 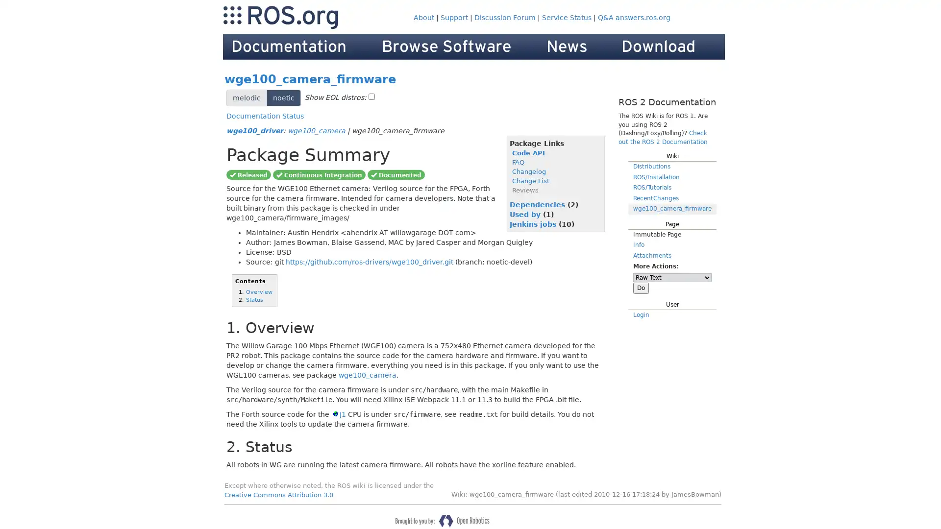 What do you see at coordinates (641, 287) in the screenshot?
I see `Do` at bounding box center [641, 287].